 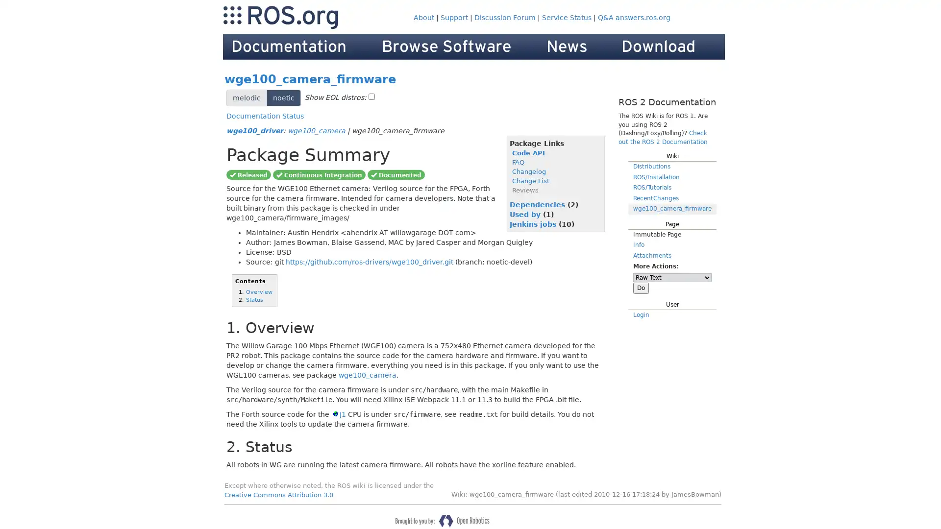 What do you see at coordinates (641, 287) in the screenshot?
I see `Do` at bounding box center [641, 287].